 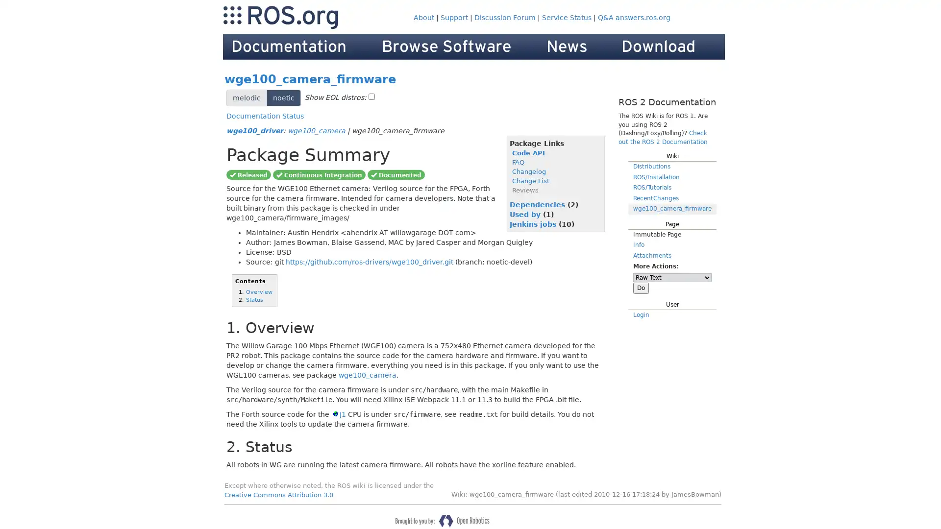 What do you see at coordinates (641, 287) in the screenshot?
I see `Do` at bounding box center [641, 287].